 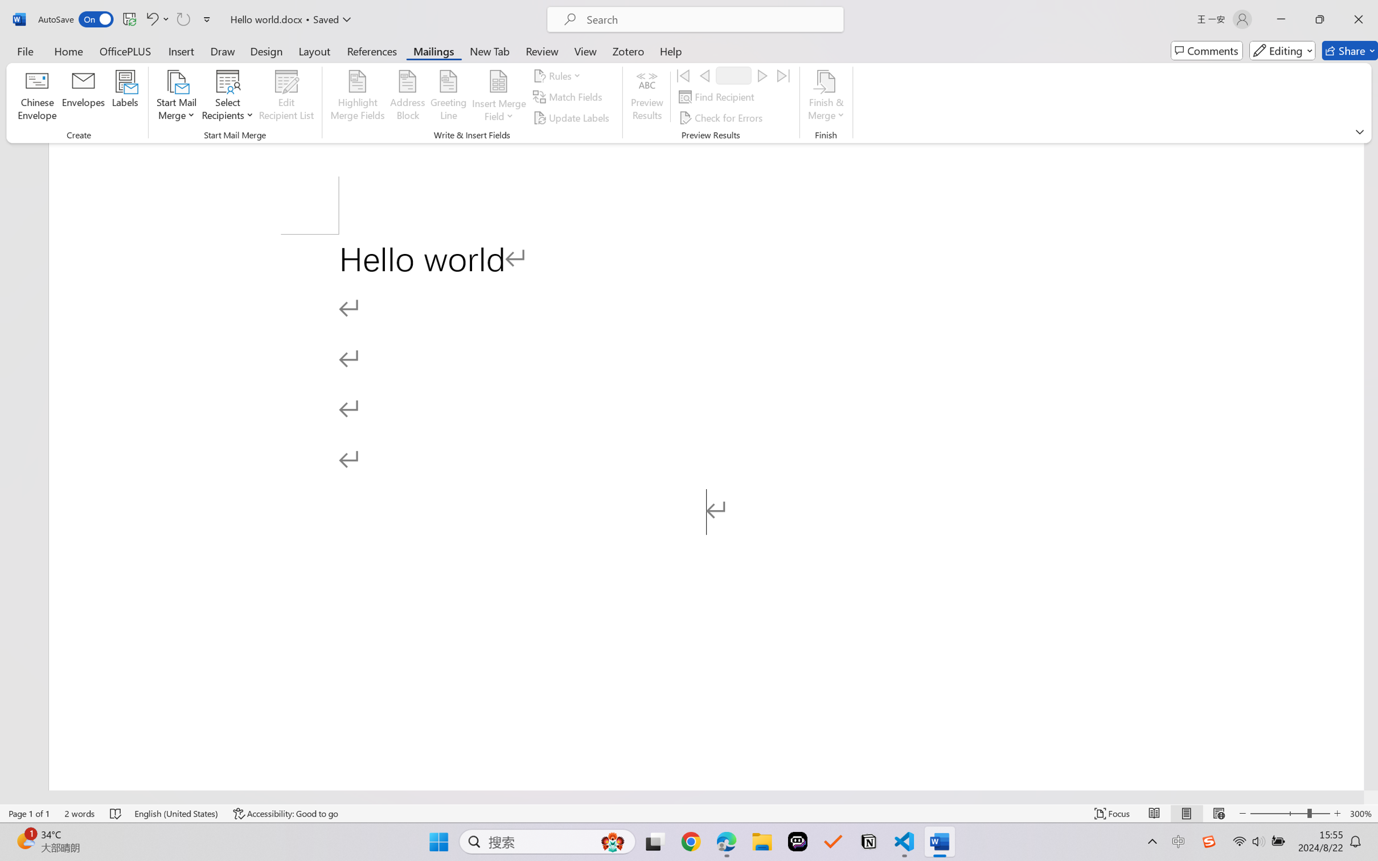 What do you see at coordinates (182, 19) in the screenshot?
I see `'Can'` at bounding box center [182, 19].